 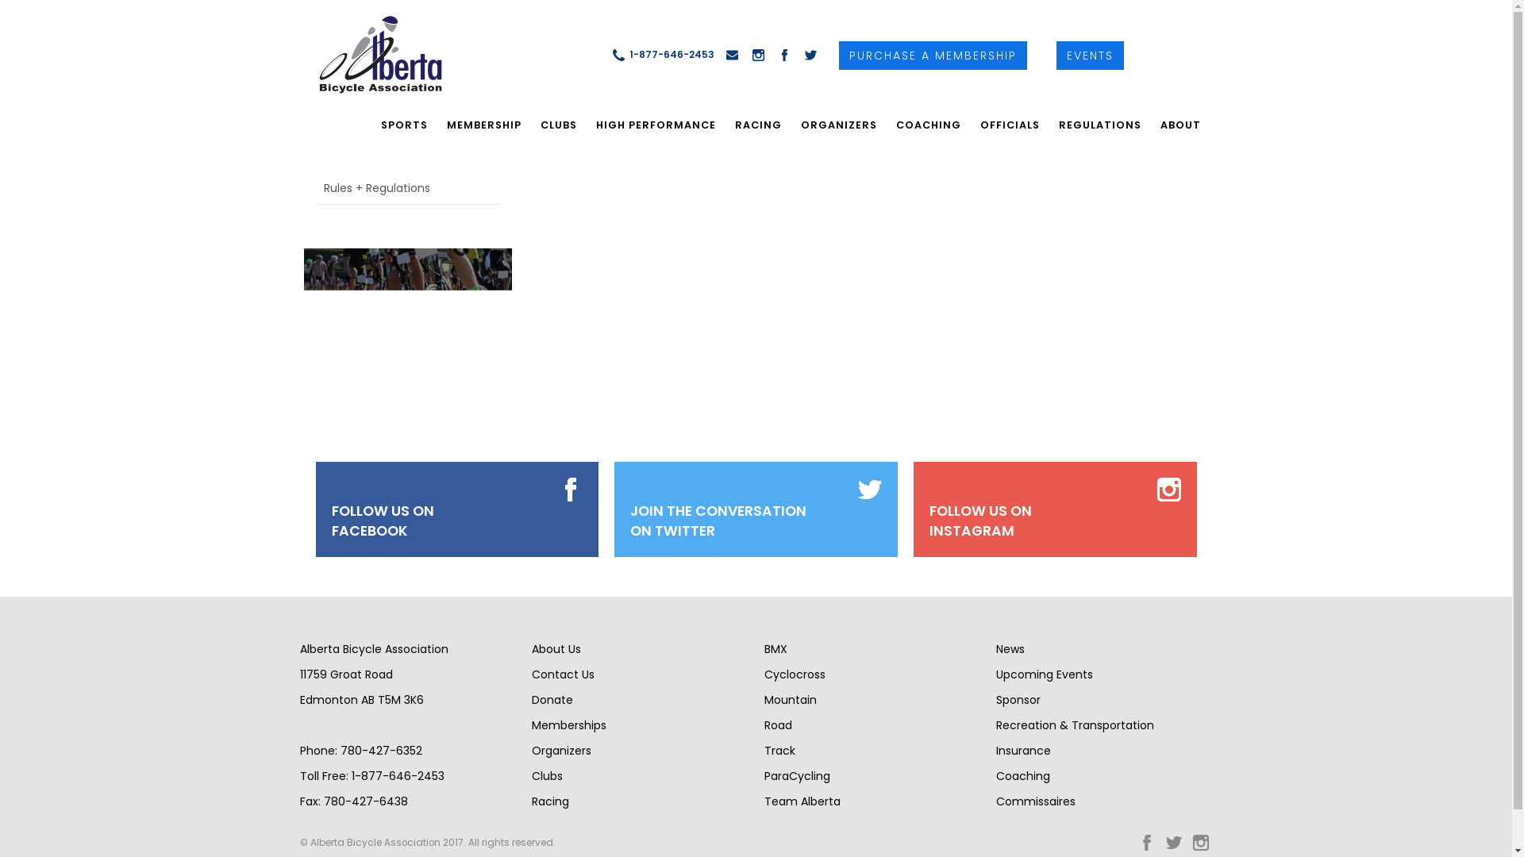 What do you see at coordinates (547, 775) in the screenshot?
I see `'Clubs'` at bounding box center [547, 775].